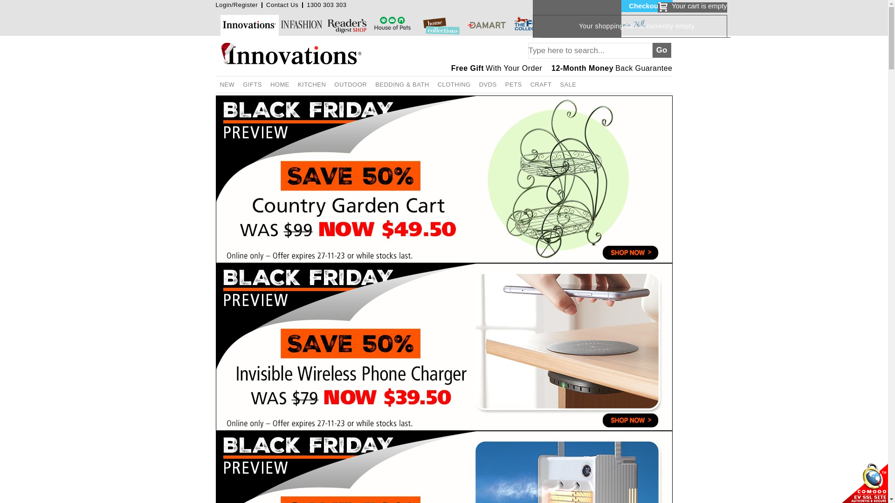 This screenshot has width=895, height=503. Describe the element at coordinates (657, 7) in the screenshot. I see `'Your cart is empty'` at that location.